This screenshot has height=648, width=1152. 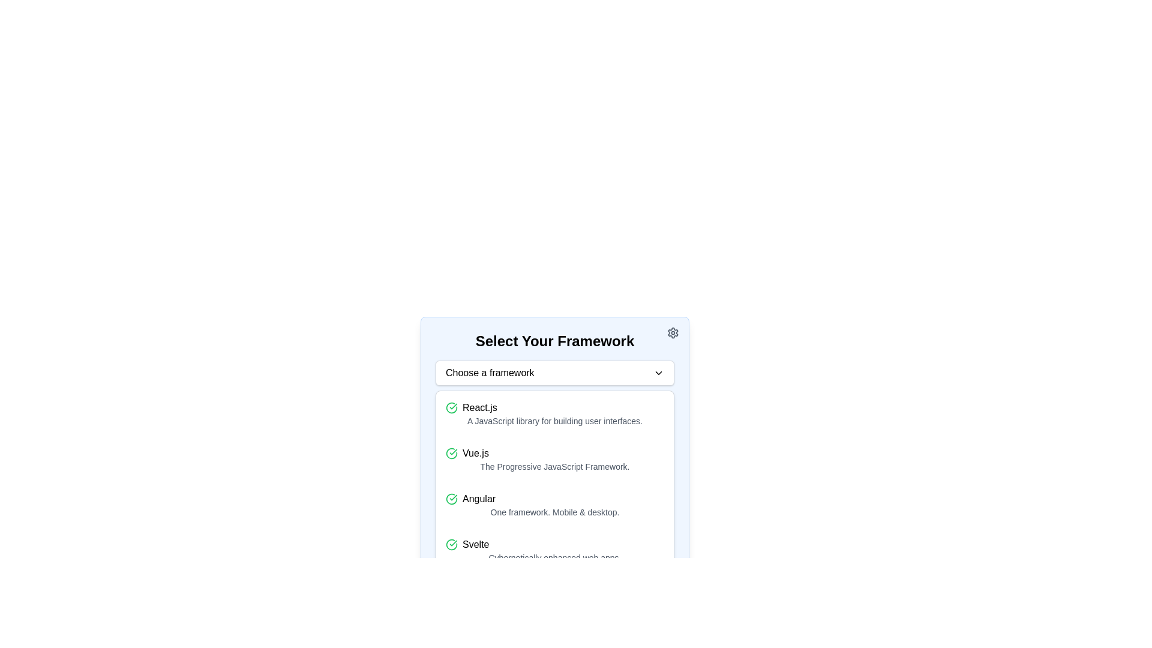 What do you see at coordinates (554, 341) in the screenshot?
I see `the bold heading text element 'Select Your Framework' located at the top of the selection menu, directly above the dropdown labeled 'Choose a framework'` at bounding box center [554, 341].